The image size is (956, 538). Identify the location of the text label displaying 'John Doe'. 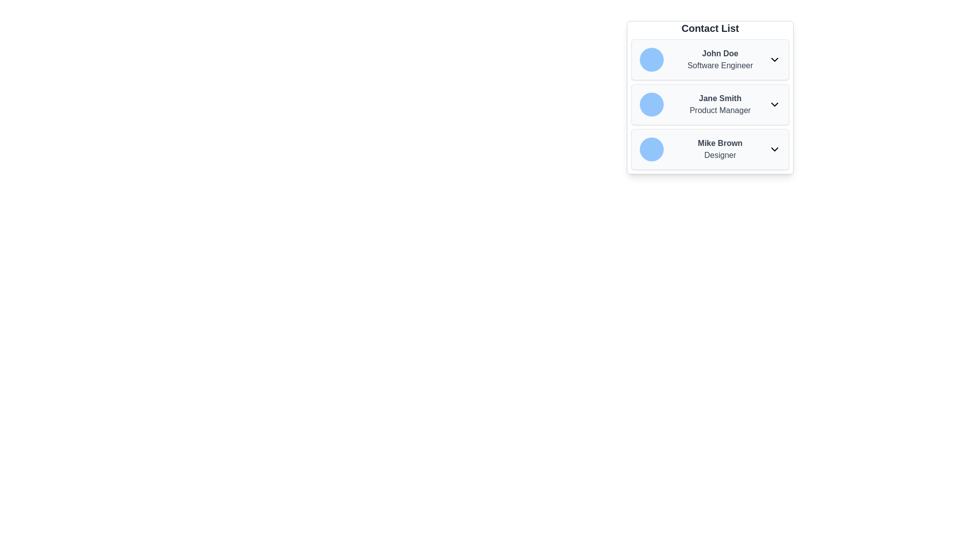
(720, 54).